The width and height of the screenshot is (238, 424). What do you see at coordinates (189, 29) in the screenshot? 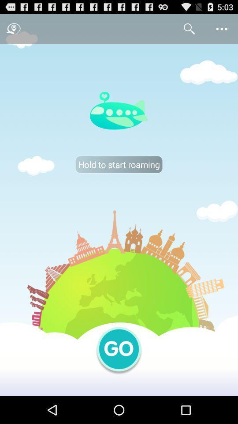
I see `search icon beside three horizontal dots` at bounding box center [189, 29].